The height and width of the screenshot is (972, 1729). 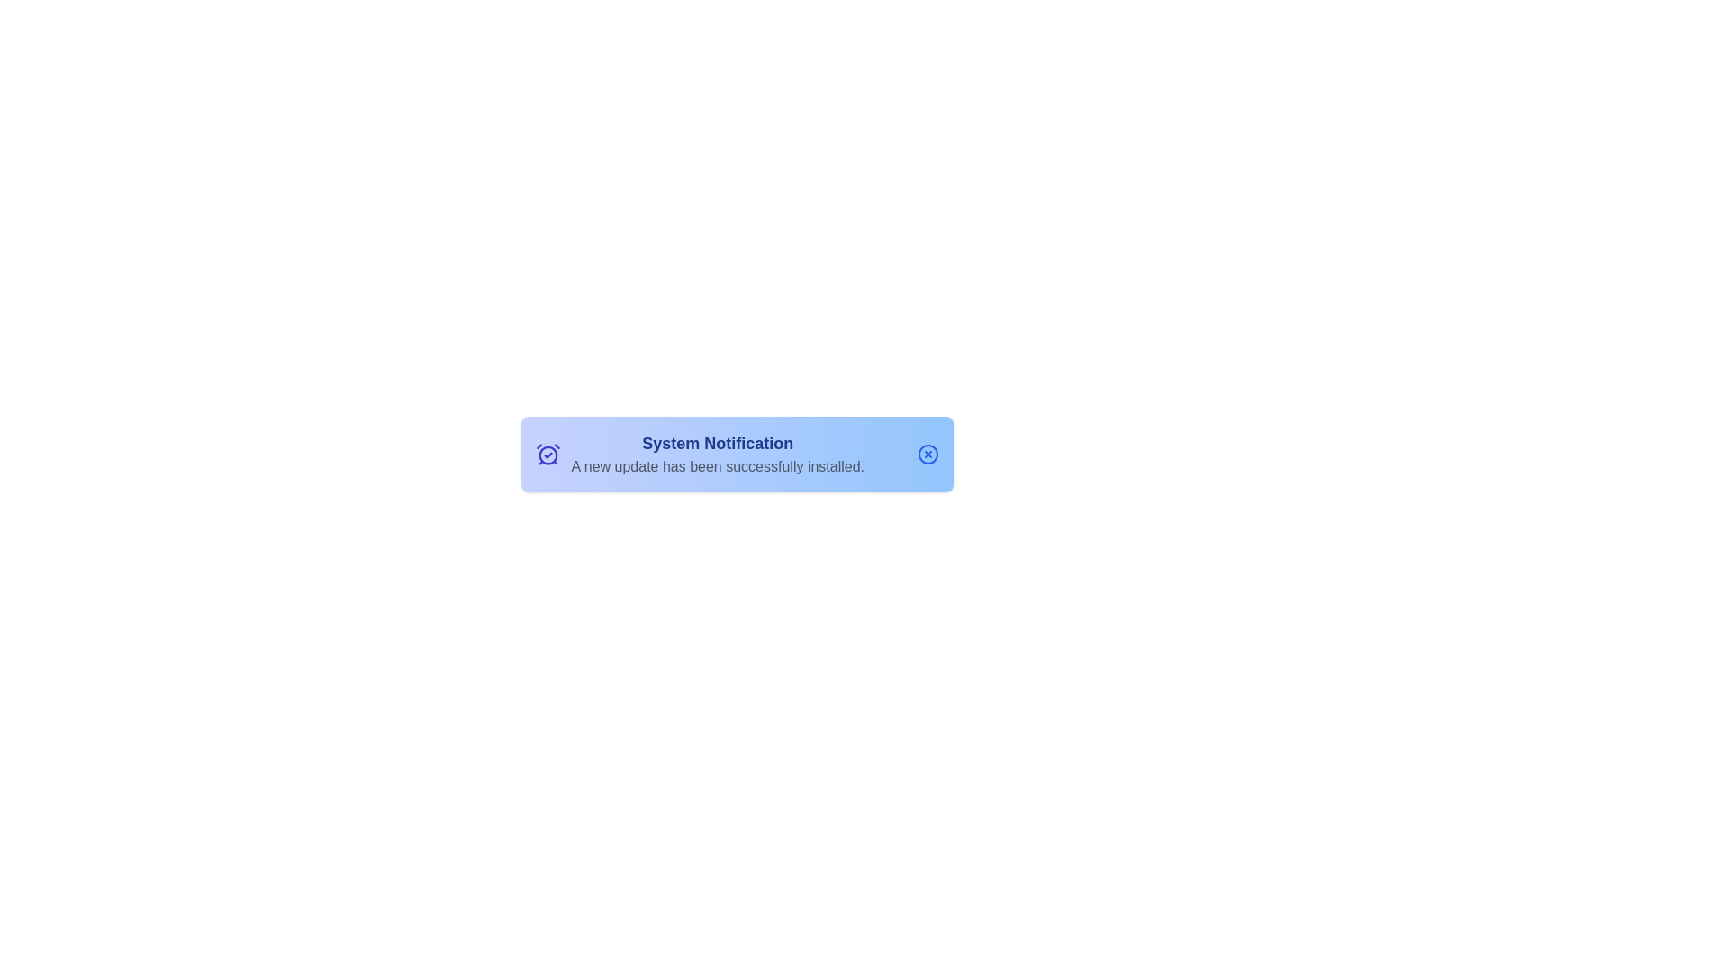 What do you see at coordinates (547, 454) in the screenshot?
I see `the icon that signifies the context of the notification related to time or scheduling, located at the leftmost side of the notification panel, adjacent to the title 'System Notification'` at bounding box center [547, 454].